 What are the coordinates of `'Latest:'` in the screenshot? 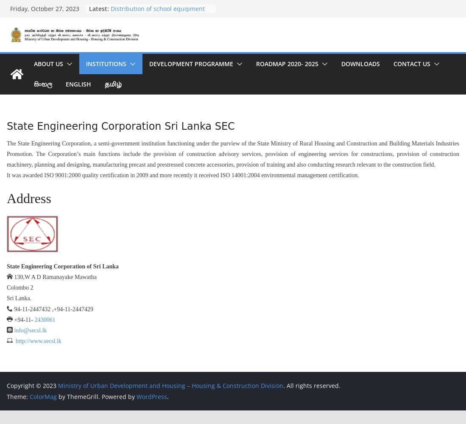 It's located at (98, 8).